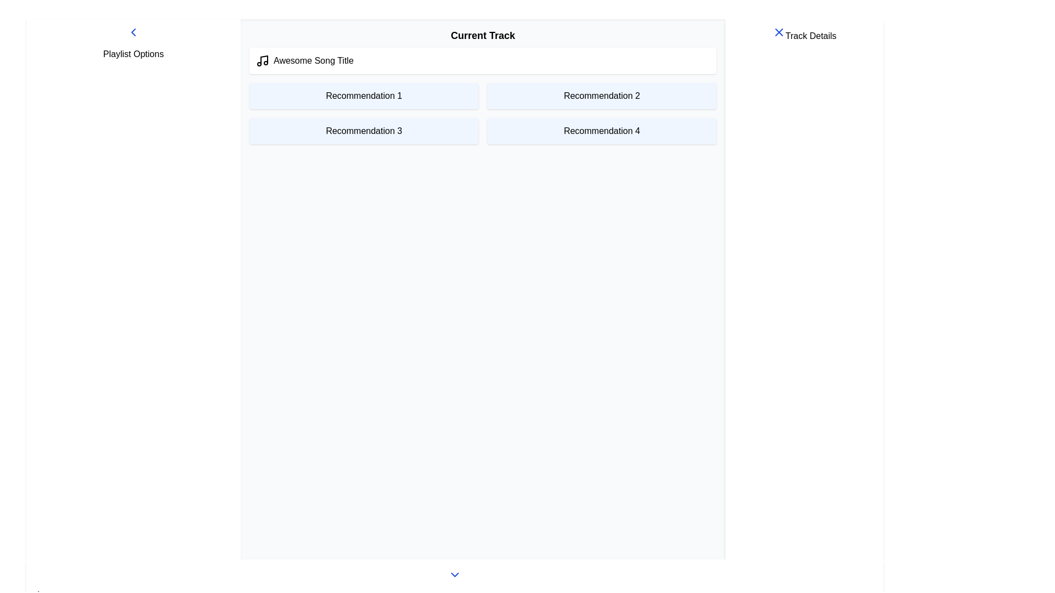  Describe the element at coordinates (364, 95) in the screenshot. I see `the informational panel labeled 'Recommendation 1', which has a light blue background and contains black text, located at the top-left quadrant of the grid layout` at that location.